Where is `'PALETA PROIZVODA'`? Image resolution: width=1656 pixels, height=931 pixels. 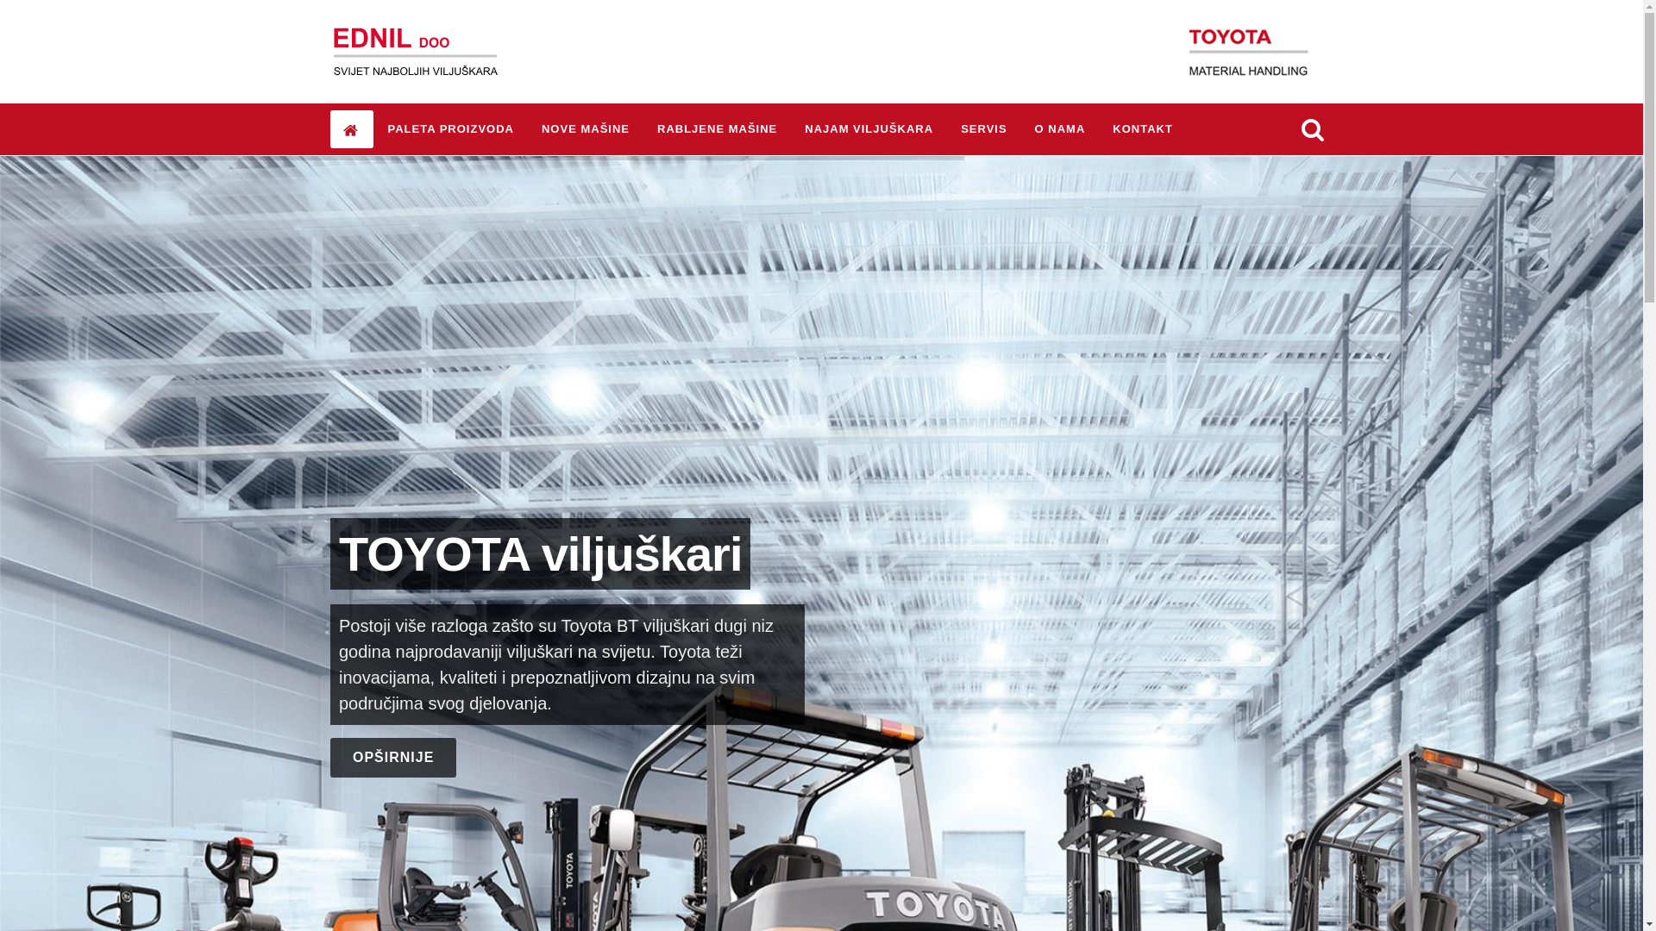
'PALETA PROIZVODA' is located at coordinates (373, 128).